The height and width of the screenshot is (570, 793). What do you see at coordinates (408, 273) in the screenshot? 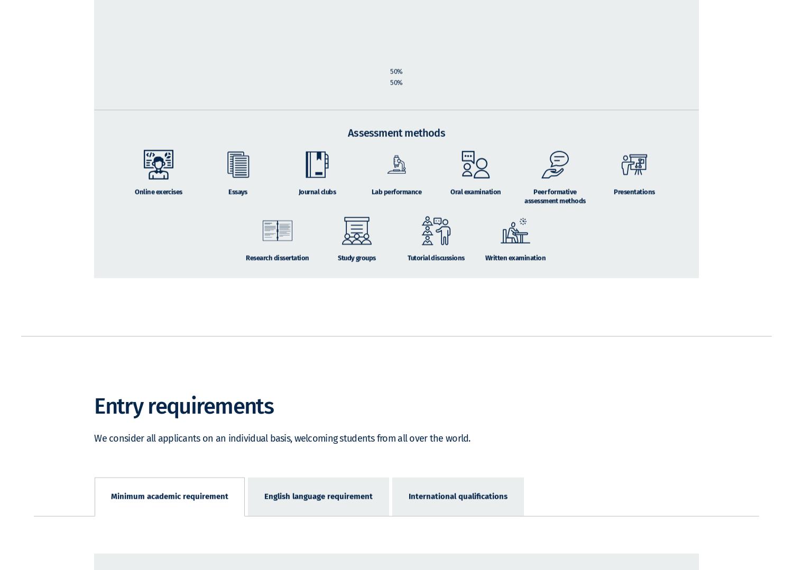
I see `'Tutorial discussions'` at bounding box center [408, 273].